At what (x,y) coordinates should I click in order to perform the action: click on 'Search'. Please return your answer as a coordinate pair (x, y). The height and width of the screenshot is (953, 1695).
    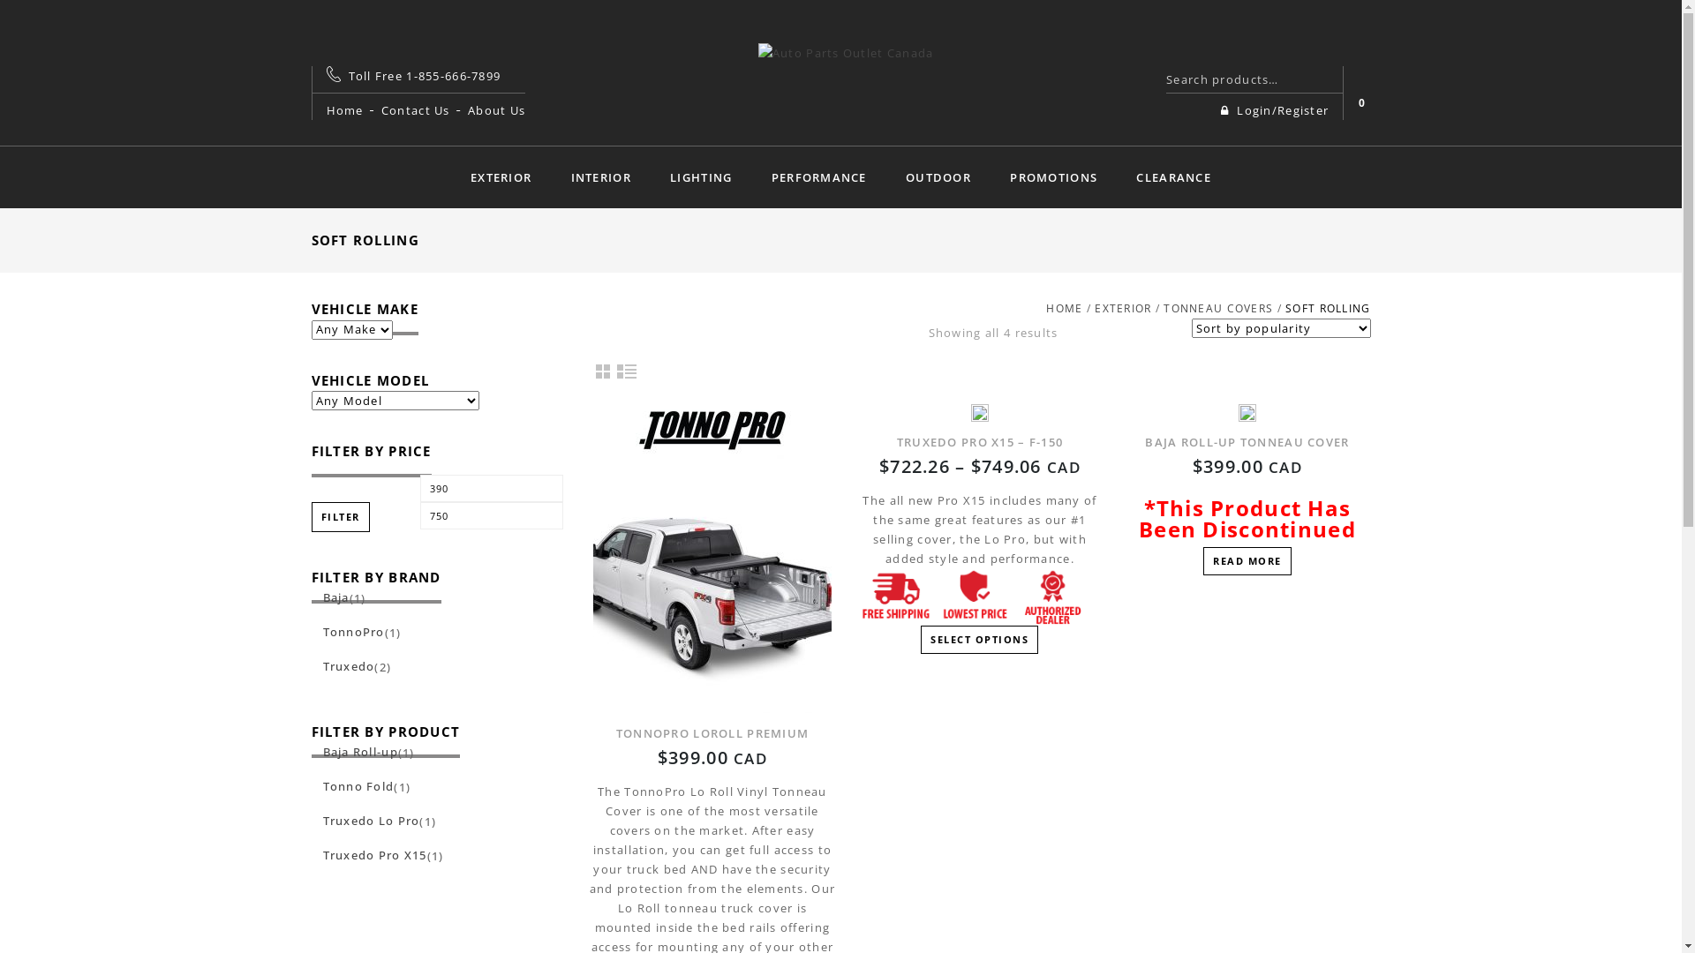
    Looking at the image, I should click on (1322, 78).